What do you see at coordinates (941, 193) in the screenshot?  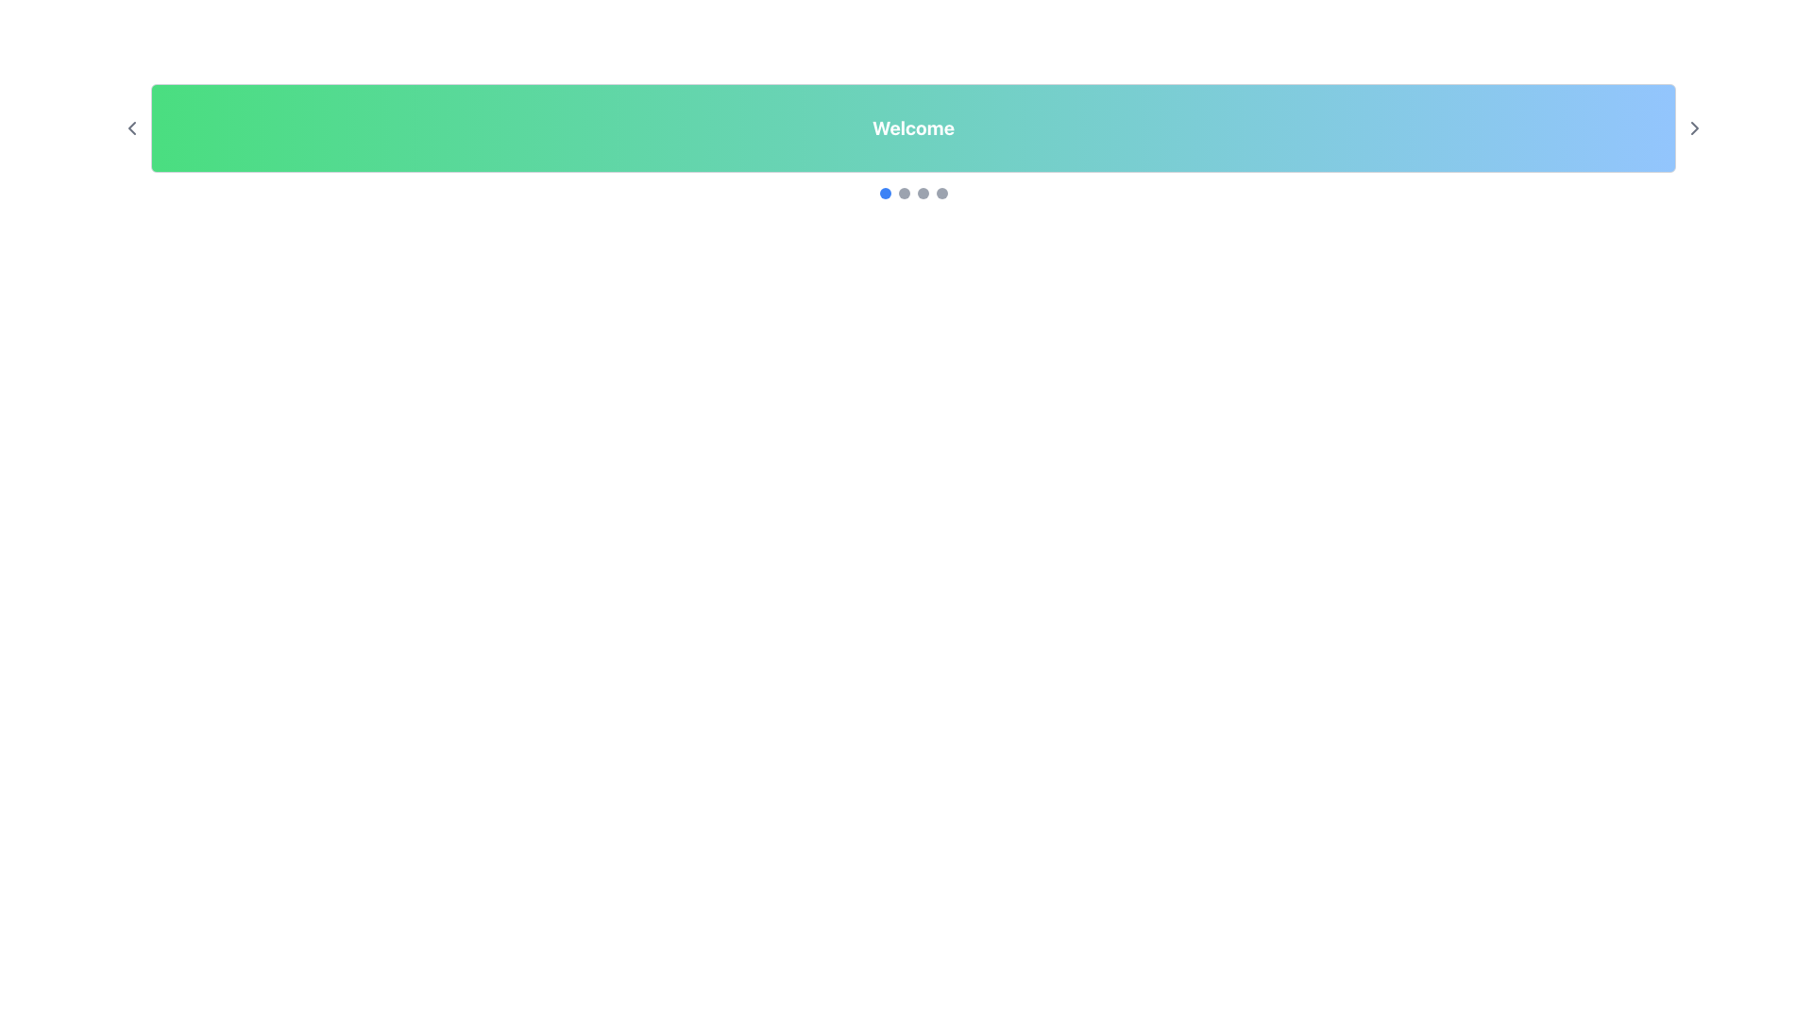 I see `the fourth circular navigation button with a gray background located below the 'Welcome' header to observe its hover effects` at bounding box center [941, 193].